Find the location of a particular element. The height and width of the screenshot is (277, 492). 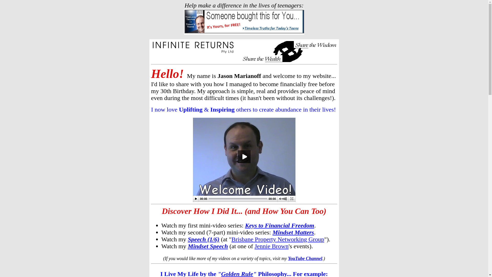

'YouTube Channel' is located at coordinates (288, 258).